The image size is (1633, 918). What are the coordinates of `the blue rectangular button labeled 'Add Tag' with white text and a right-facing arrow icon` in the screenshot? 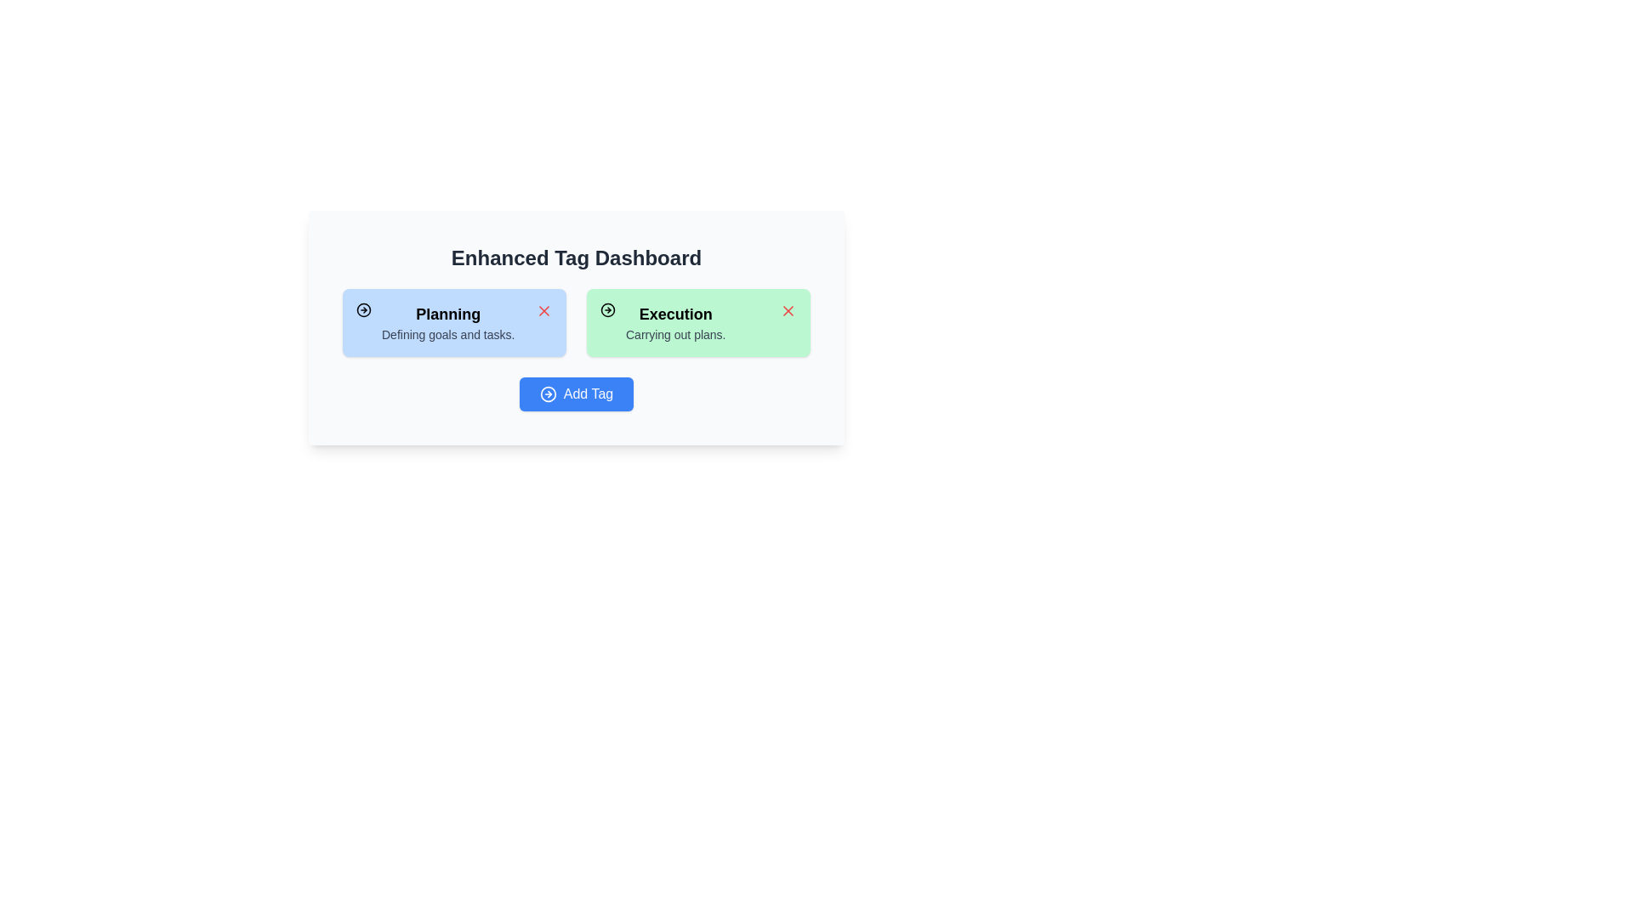 It's located at (576, 394).